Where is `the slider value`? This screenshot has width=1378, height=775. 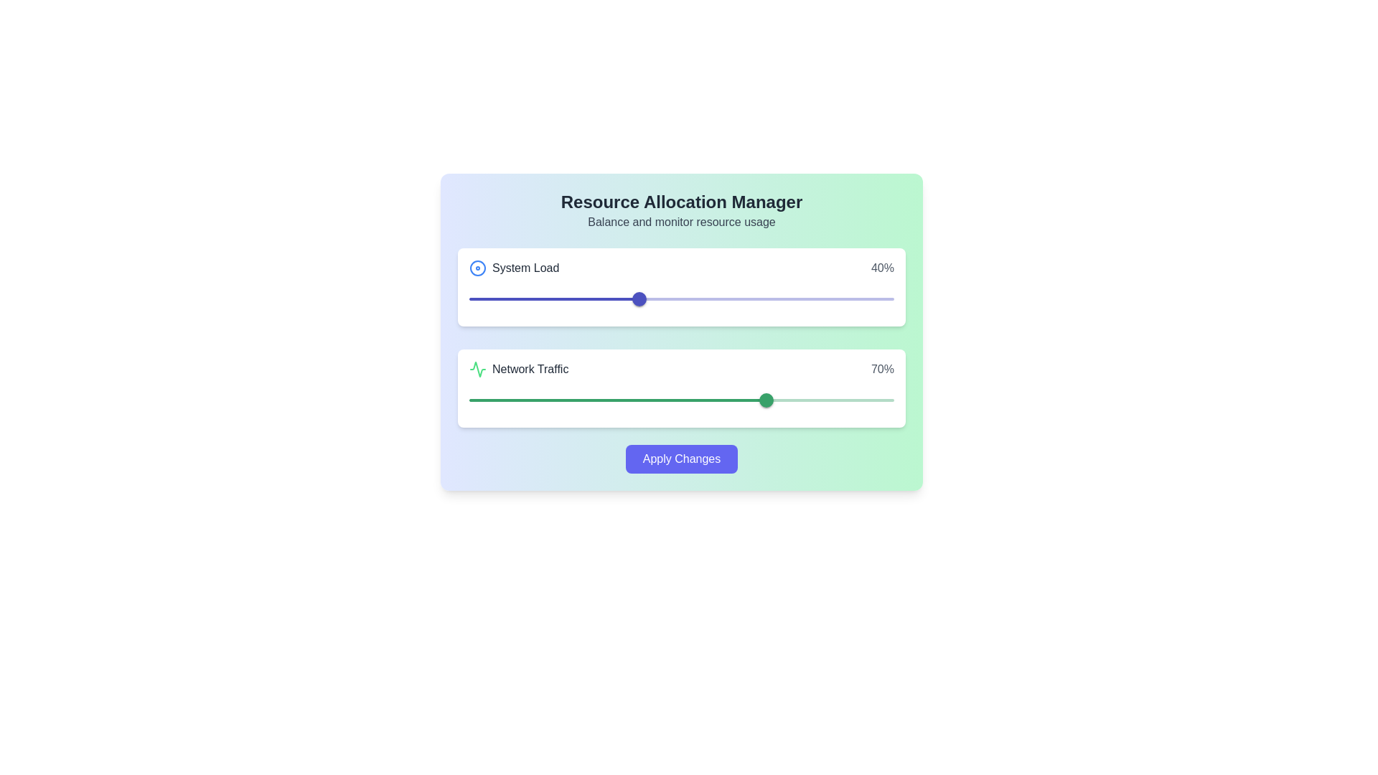 the slider value is located at coordinates (774, 400).